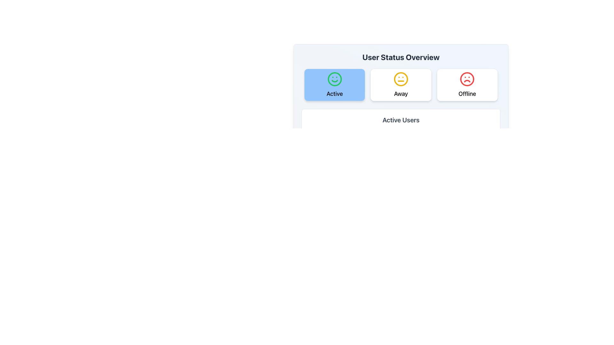  I want to click on the 'Away' status button located between the 'Active' and 'Offline' buttons in the 'User Status Overview' section, so click(400, 85).